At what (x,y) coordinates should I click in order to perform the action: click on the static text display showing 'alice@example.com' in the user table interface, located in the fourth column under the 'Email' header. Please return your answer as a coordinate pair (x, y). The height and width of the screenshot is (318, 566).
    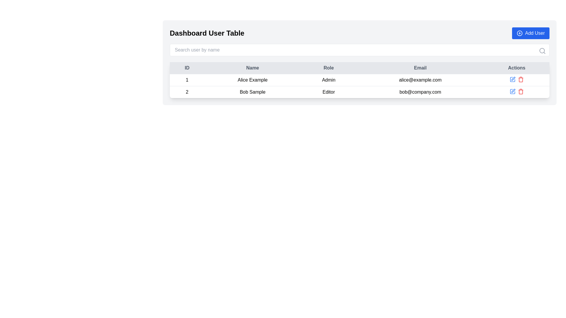
    Looking at the image, I should click on (420, 80).